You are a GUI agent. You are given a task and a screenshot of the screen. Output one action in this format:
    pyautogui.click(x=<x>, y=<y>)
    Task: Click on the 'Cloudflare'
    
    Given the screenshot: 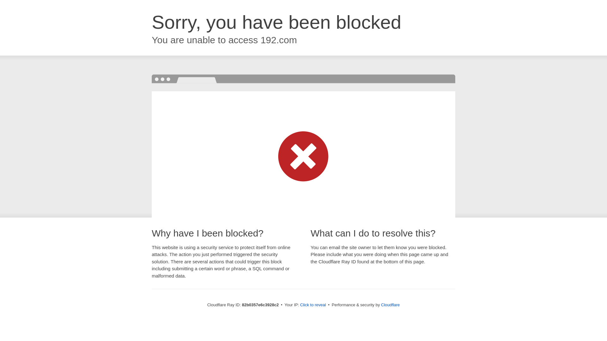 What is the action you would take?
    pyautogui.click(x=390, y=304)
    